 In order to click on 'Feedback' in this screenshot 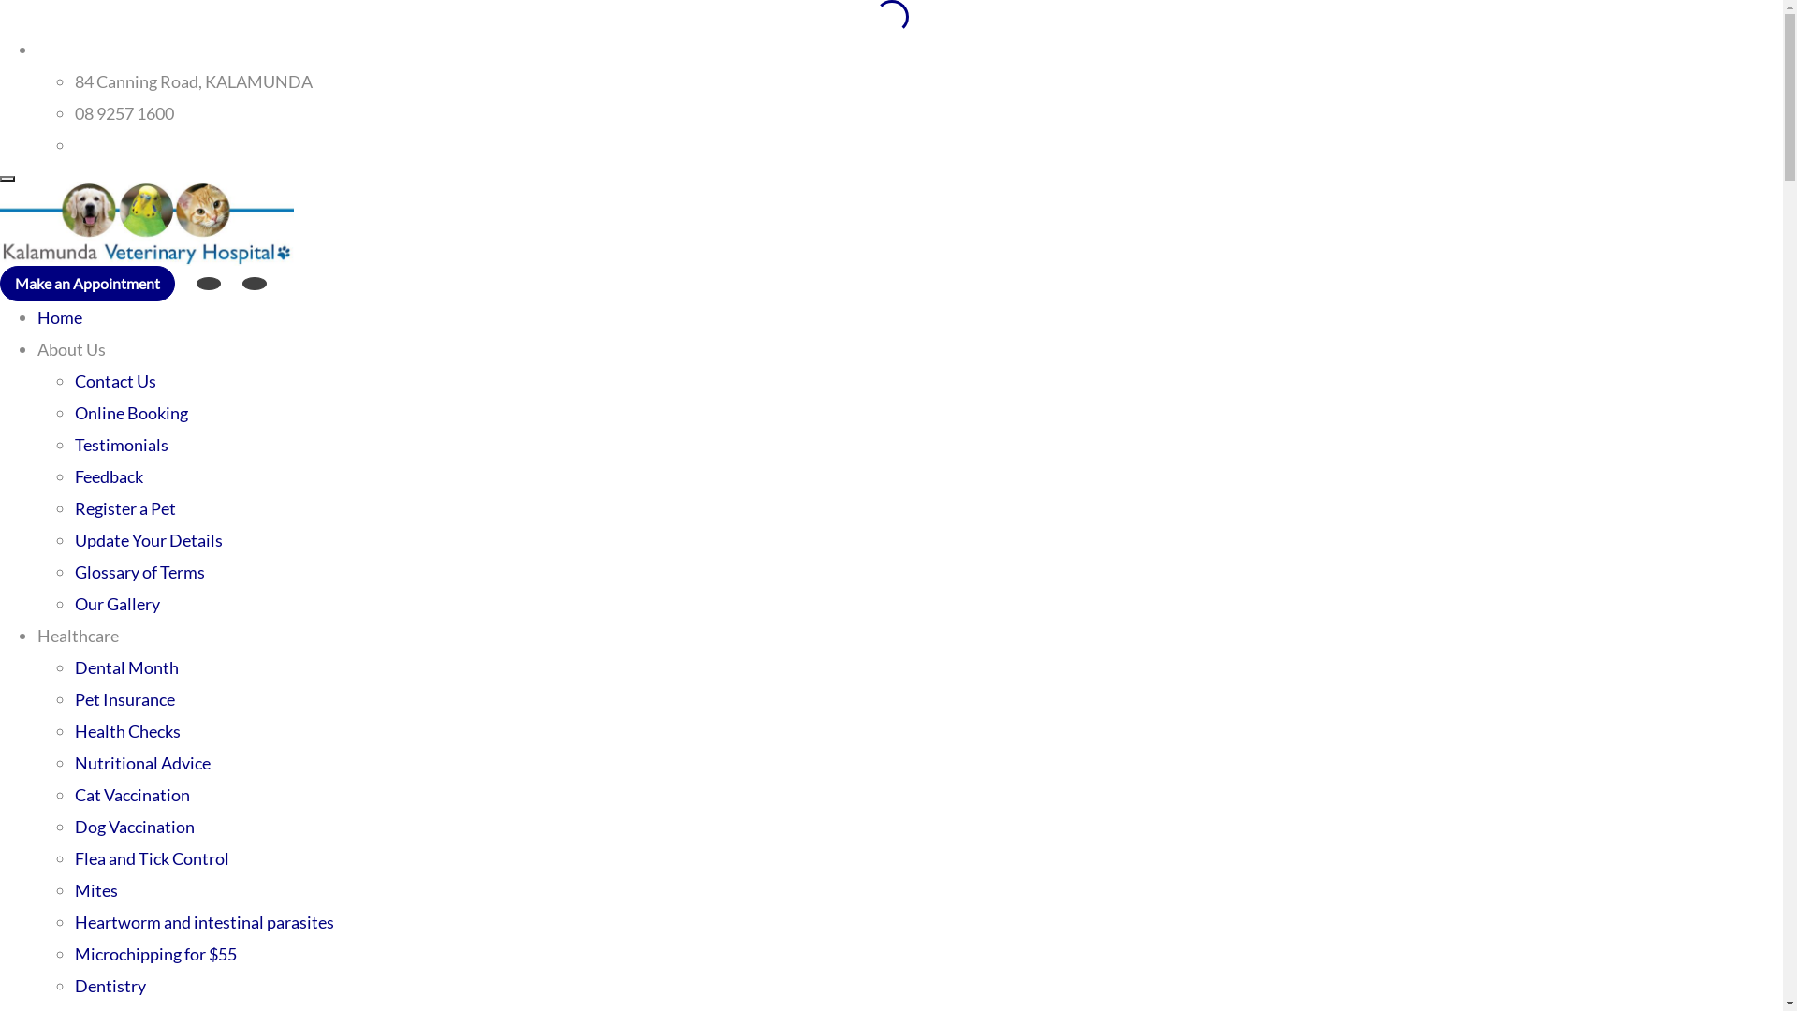, I will do `click(108, 476)`.